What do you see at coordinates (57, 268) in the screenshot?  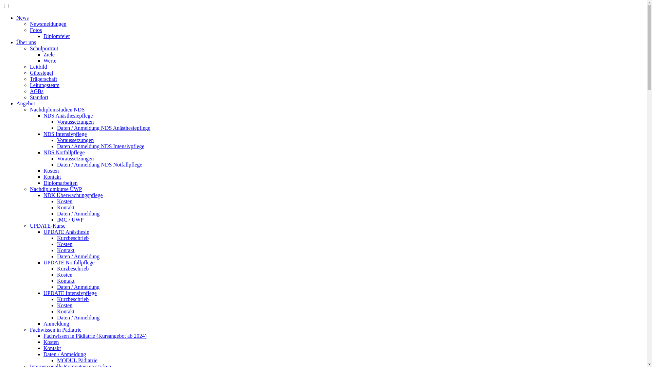 I see `'Kurzbeschrieb'` at bounding box center [57, 268].